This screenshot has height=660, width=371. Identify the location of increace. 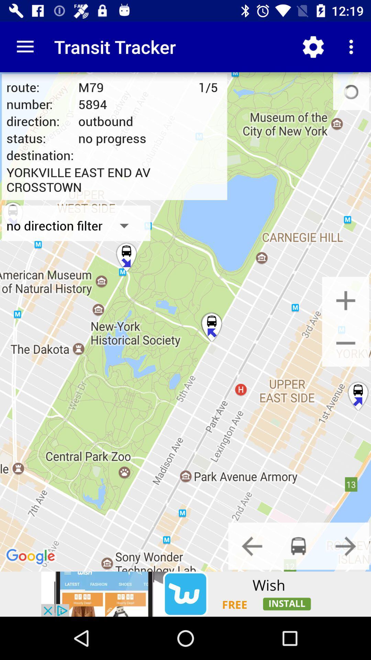
(346, 300).